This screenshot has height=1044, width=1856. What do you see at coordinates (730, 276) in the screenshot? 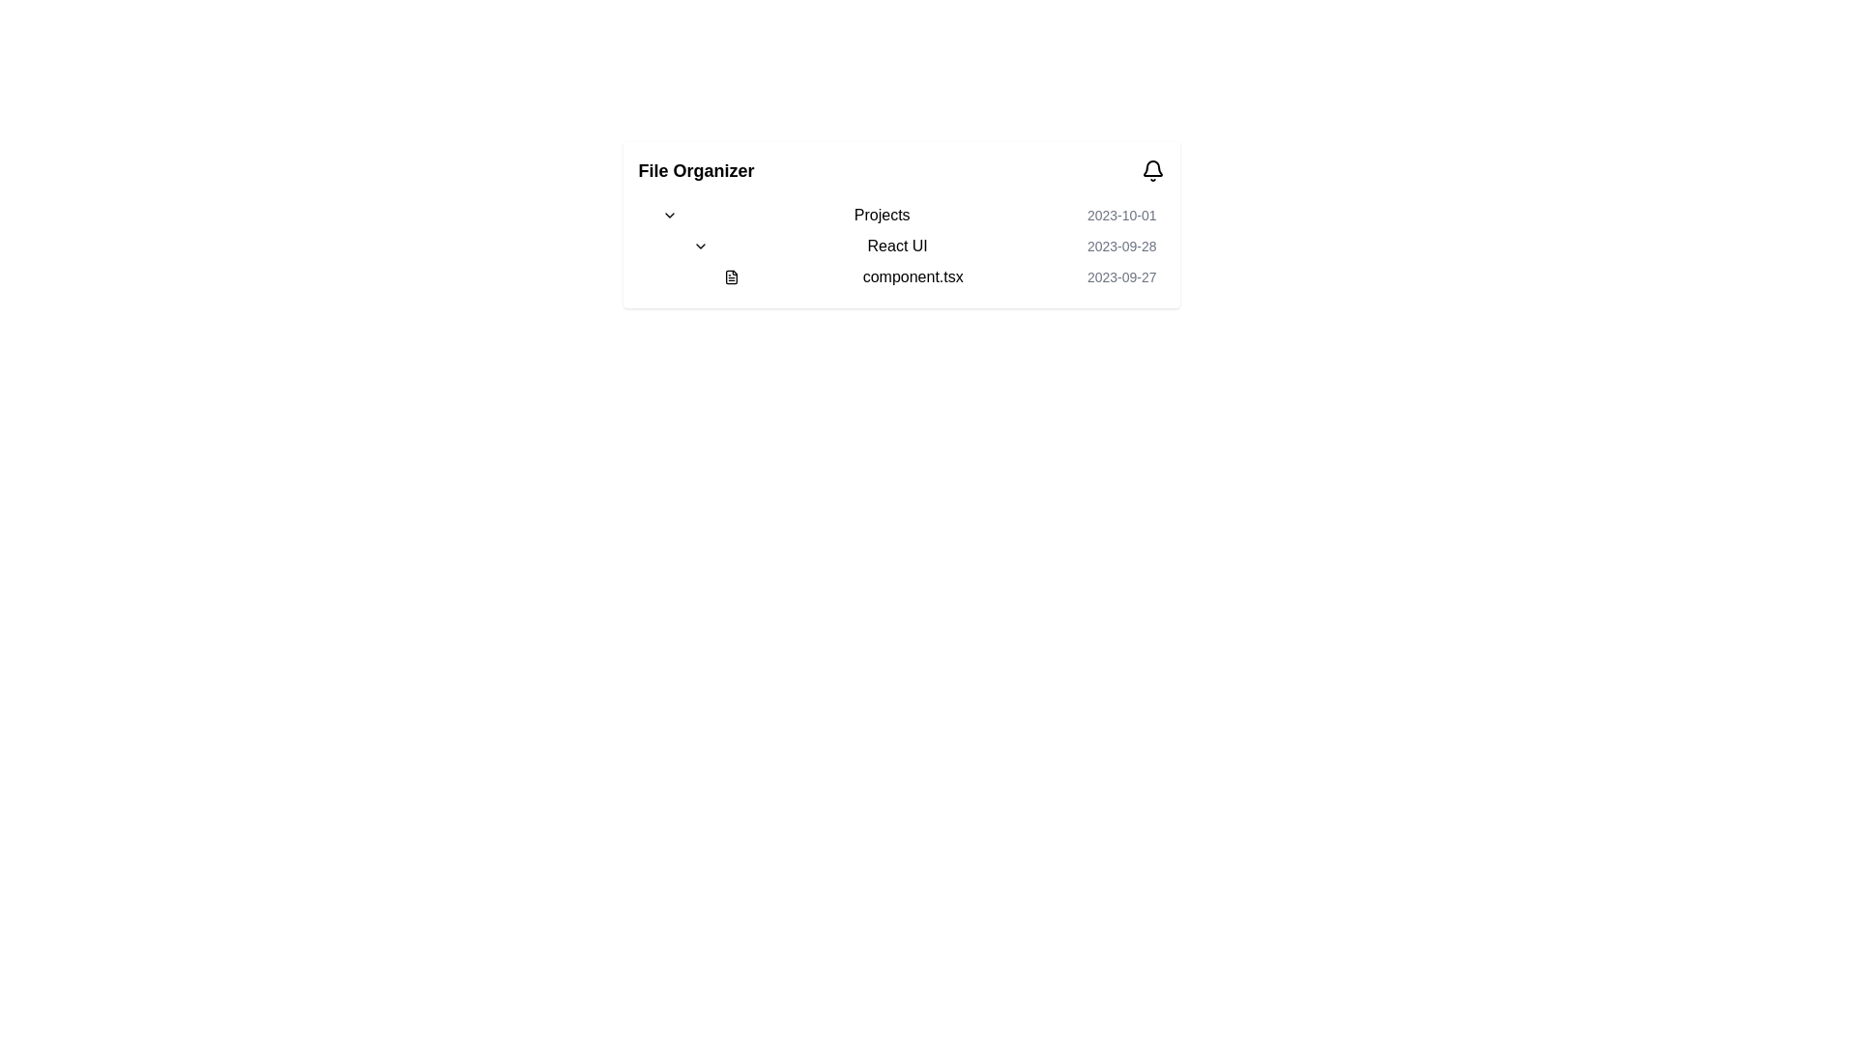
I see `the file icon representing 'component.tsx' located next to the file name in the 'React UI' folder in the file organizer interface` at bounding box center [730, 276].